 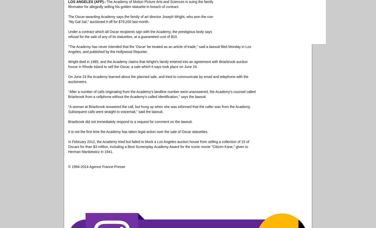 What do you see at coordinates (158, 79) in the screenshot?
I see `'On June 23 the Academy learned about the planned sale, and tried to communicate by email and telephone with the auctioneers.'` at bounding box center [158, 79].